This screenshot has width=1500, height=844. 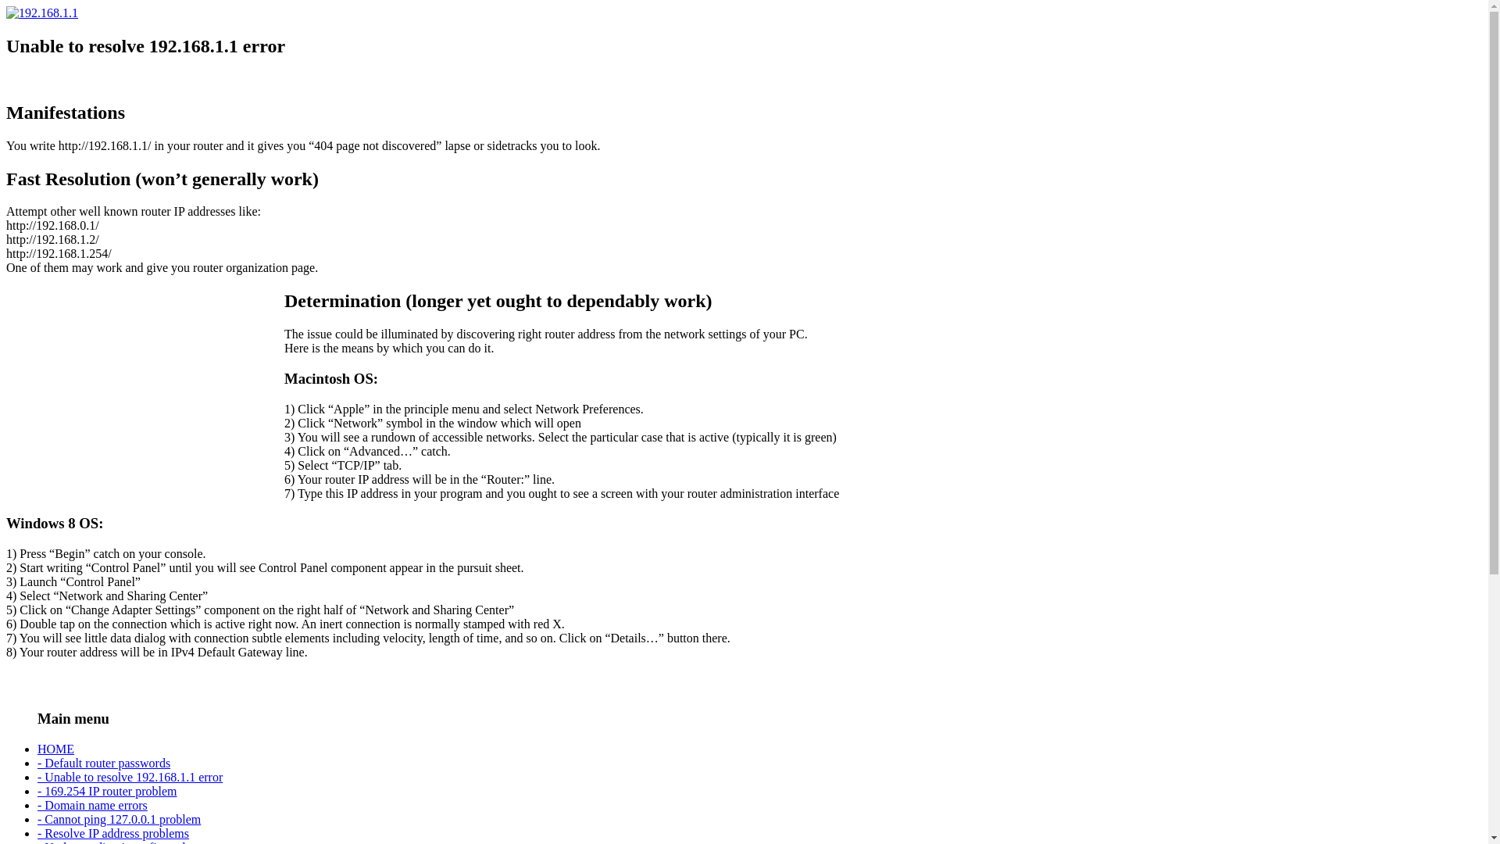 What do you see at coordinates (37, 777) in the screenshot?
I see `'- Unable to resolve 192.168.1.1 error'` at bounding box center [37, 777].